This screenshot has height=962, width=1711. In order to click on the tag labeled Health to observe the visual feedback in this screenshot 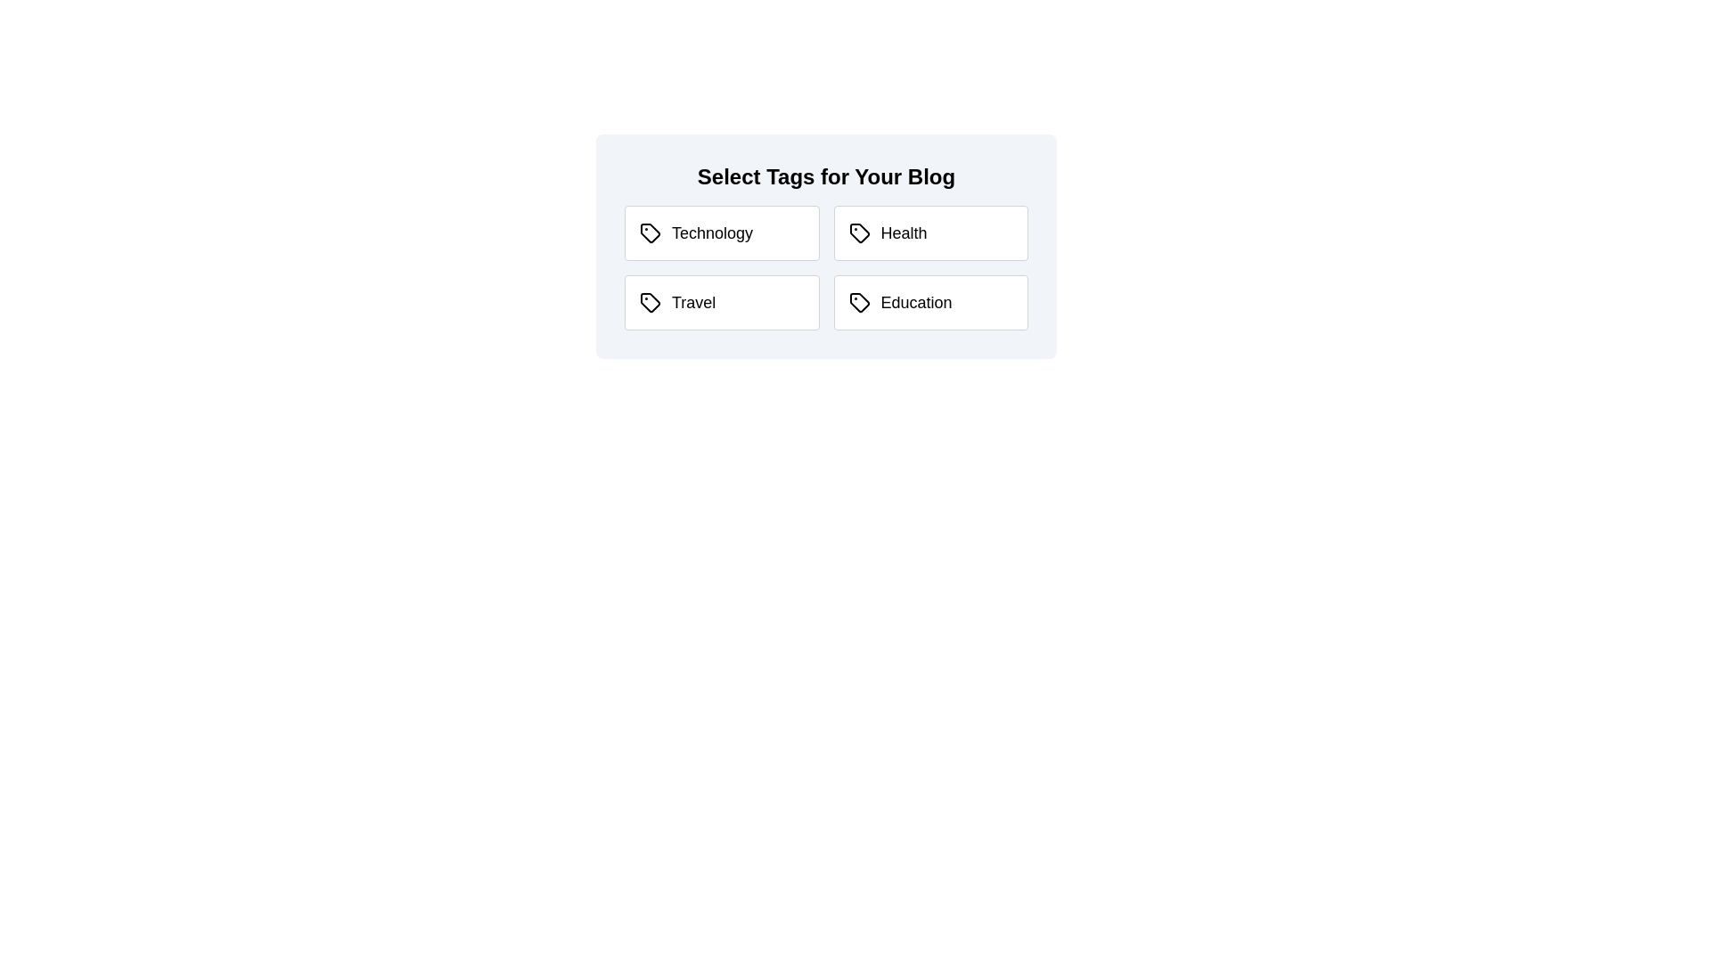, I will do `click(929, 232)`.